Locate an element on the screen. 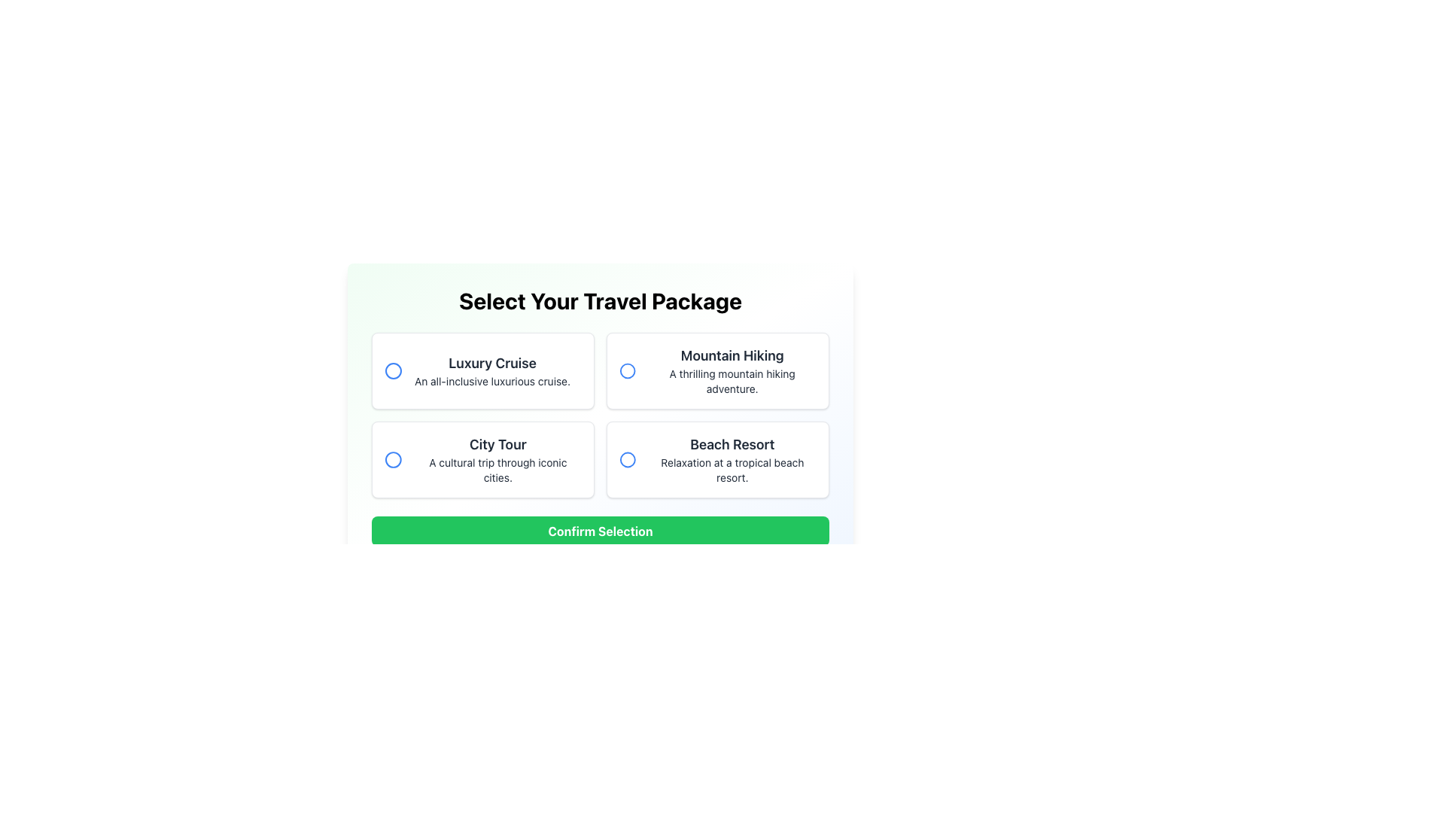 This screenshot has height=813, width=1445. text displayed in the Text Display component labeled 'Beach Resort' located in the bottom-right grid option of travel packages is located at coordinates (732, 458).